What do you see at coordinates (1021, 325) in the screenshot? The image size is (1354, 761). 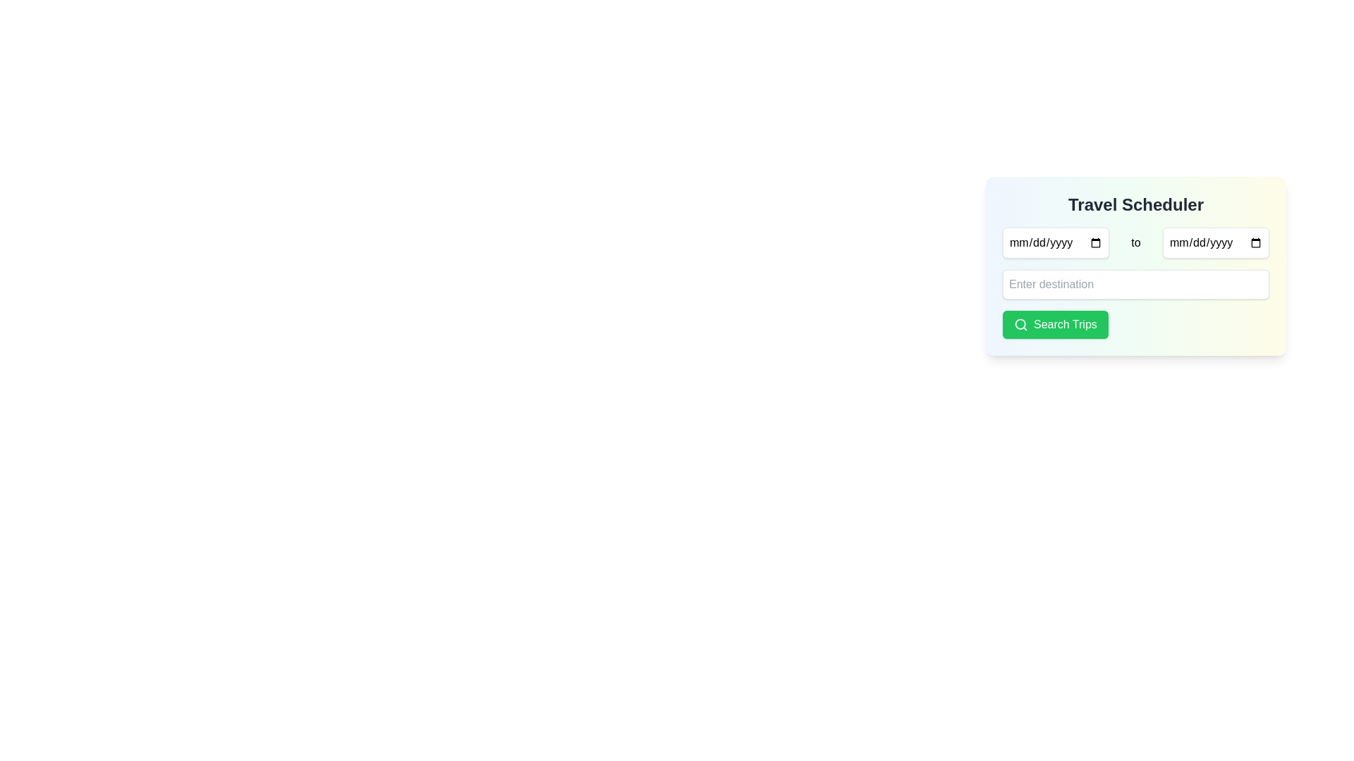 I see `the search icon located inside the green button labeled 'Search Trips' on the left side of the text` at bounding box center [1021, 325].